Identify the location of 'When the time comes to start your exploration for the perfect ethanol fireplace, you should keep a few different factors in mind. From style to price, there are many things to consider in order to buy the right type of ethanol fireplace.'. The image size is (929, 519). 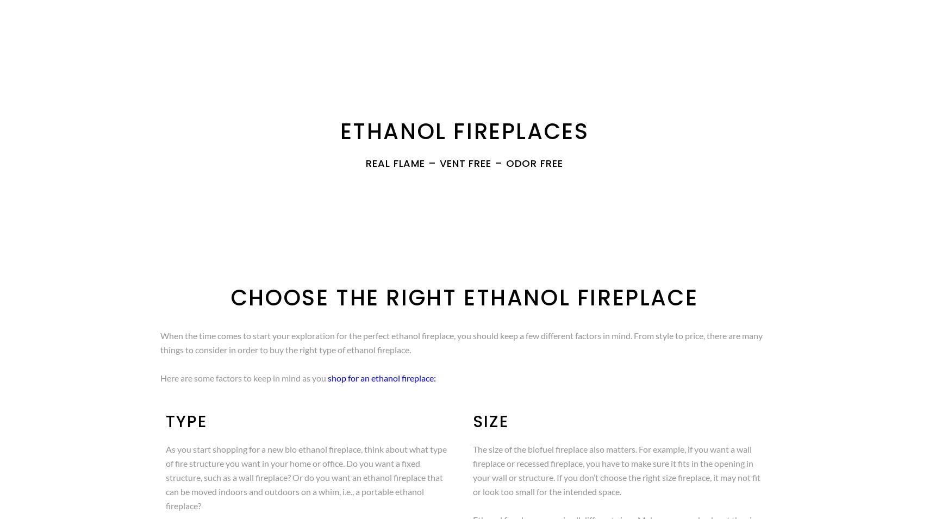
(460, 342).